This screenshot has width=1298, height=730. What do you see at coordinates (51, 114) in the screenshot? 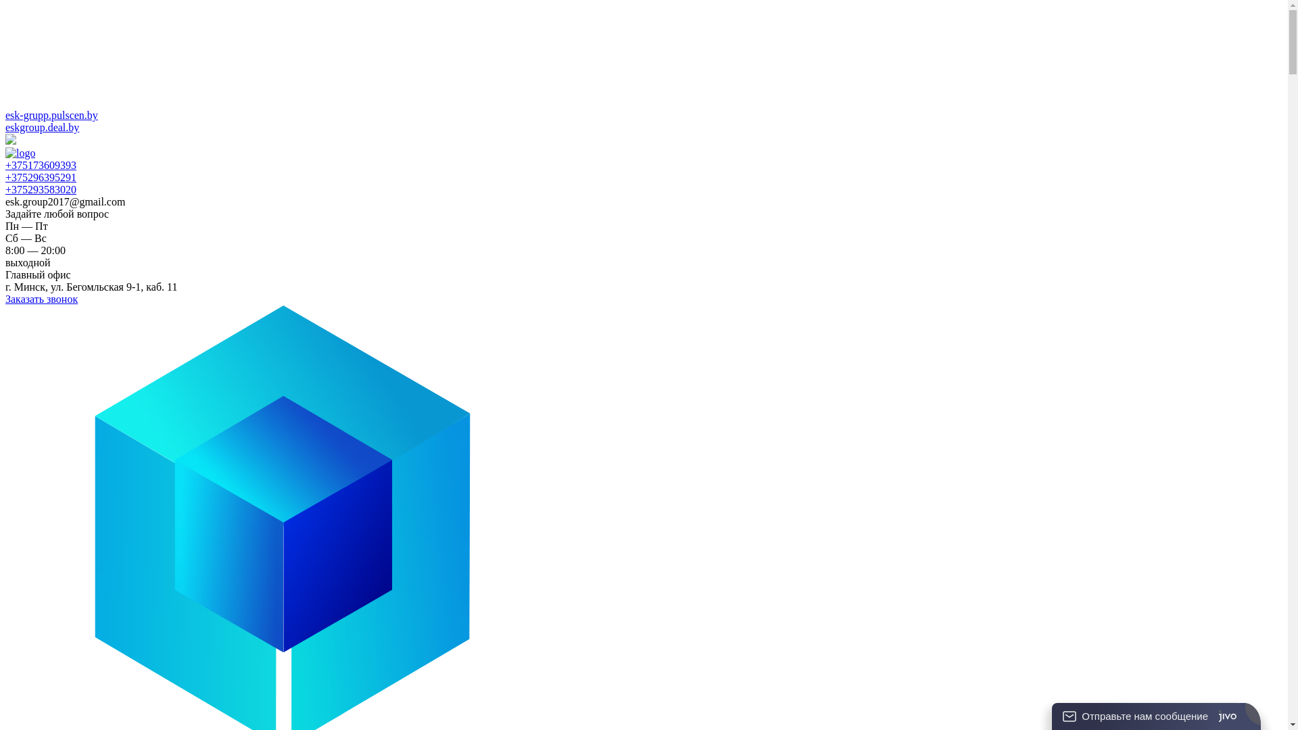
I see `'esk-grupp.pulscen.by'` at bounding box center [51, 114].